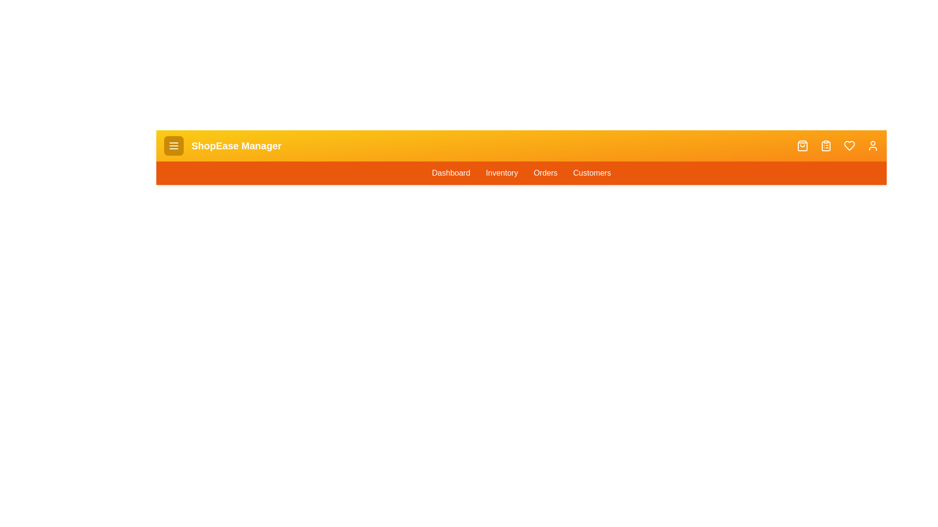  I want to click on the heart_icon to observe its hover effect, so click(849, 146).